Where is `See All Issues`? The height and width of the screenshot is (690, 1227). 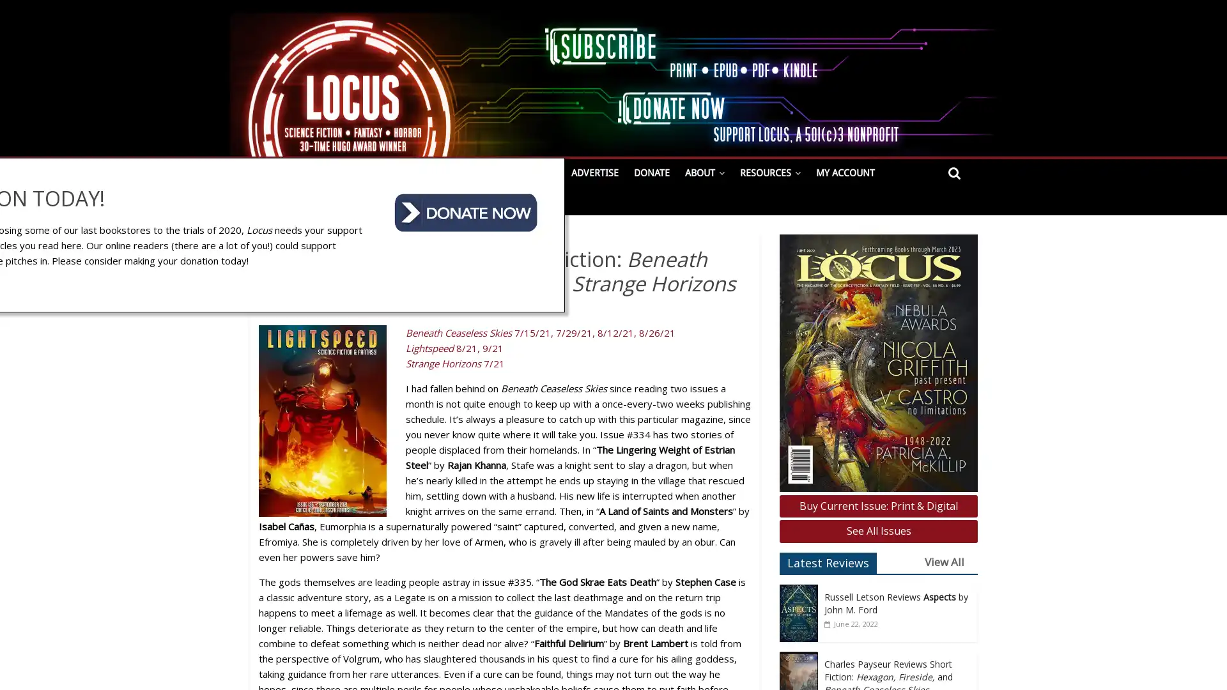
See All Issues is located at coordinates (877, 531).